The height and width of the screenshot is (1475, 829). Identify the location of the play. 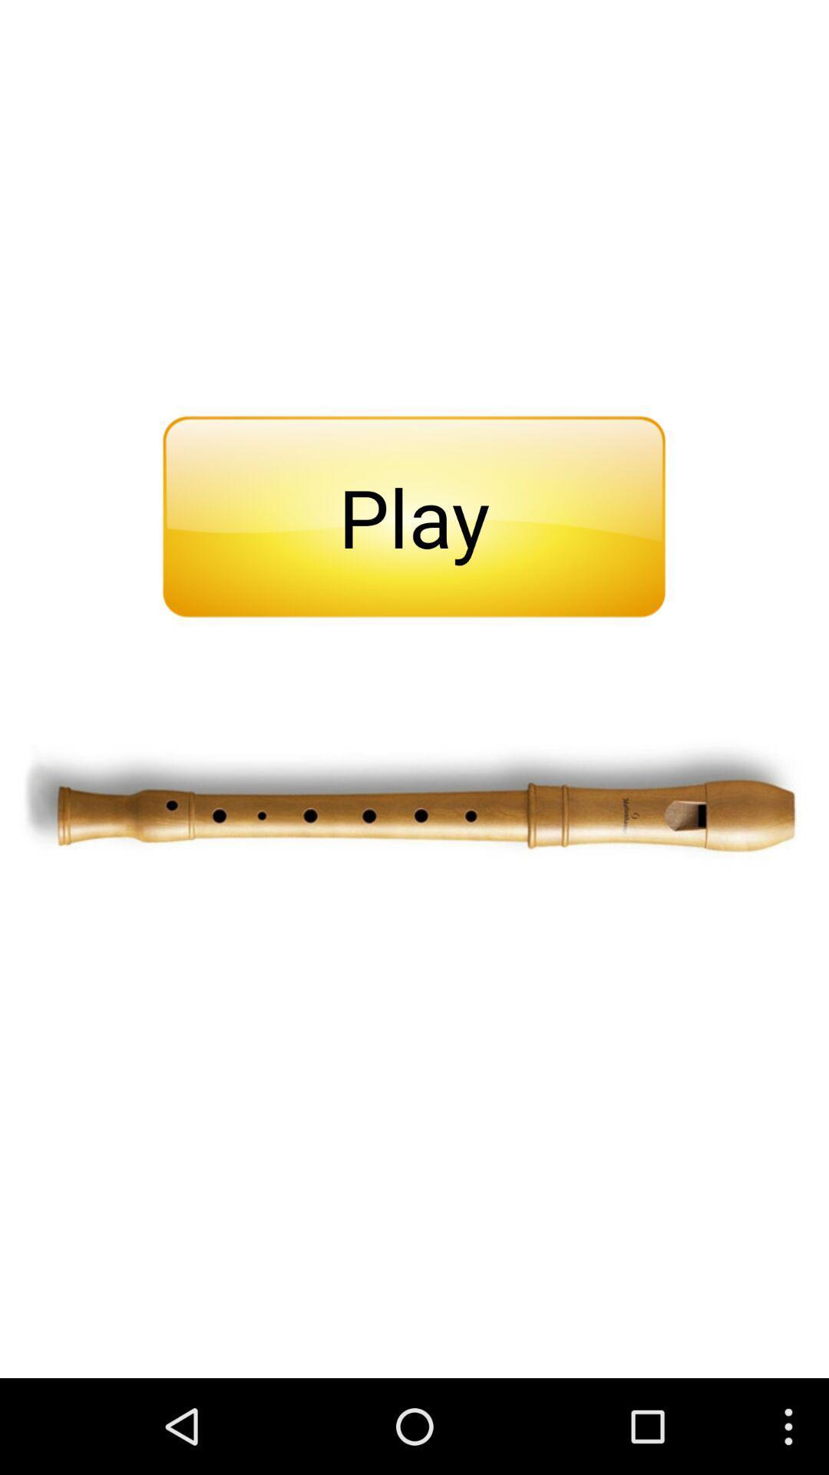
(413, 516).